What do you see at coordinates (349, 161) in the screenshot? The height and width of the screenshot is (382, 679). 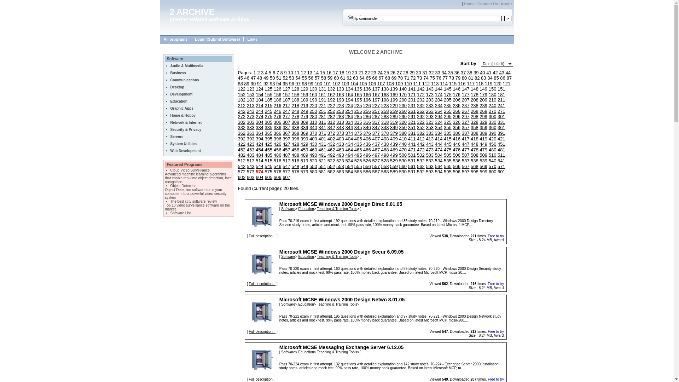 I see `'524'` at bounding box center [349, 161].